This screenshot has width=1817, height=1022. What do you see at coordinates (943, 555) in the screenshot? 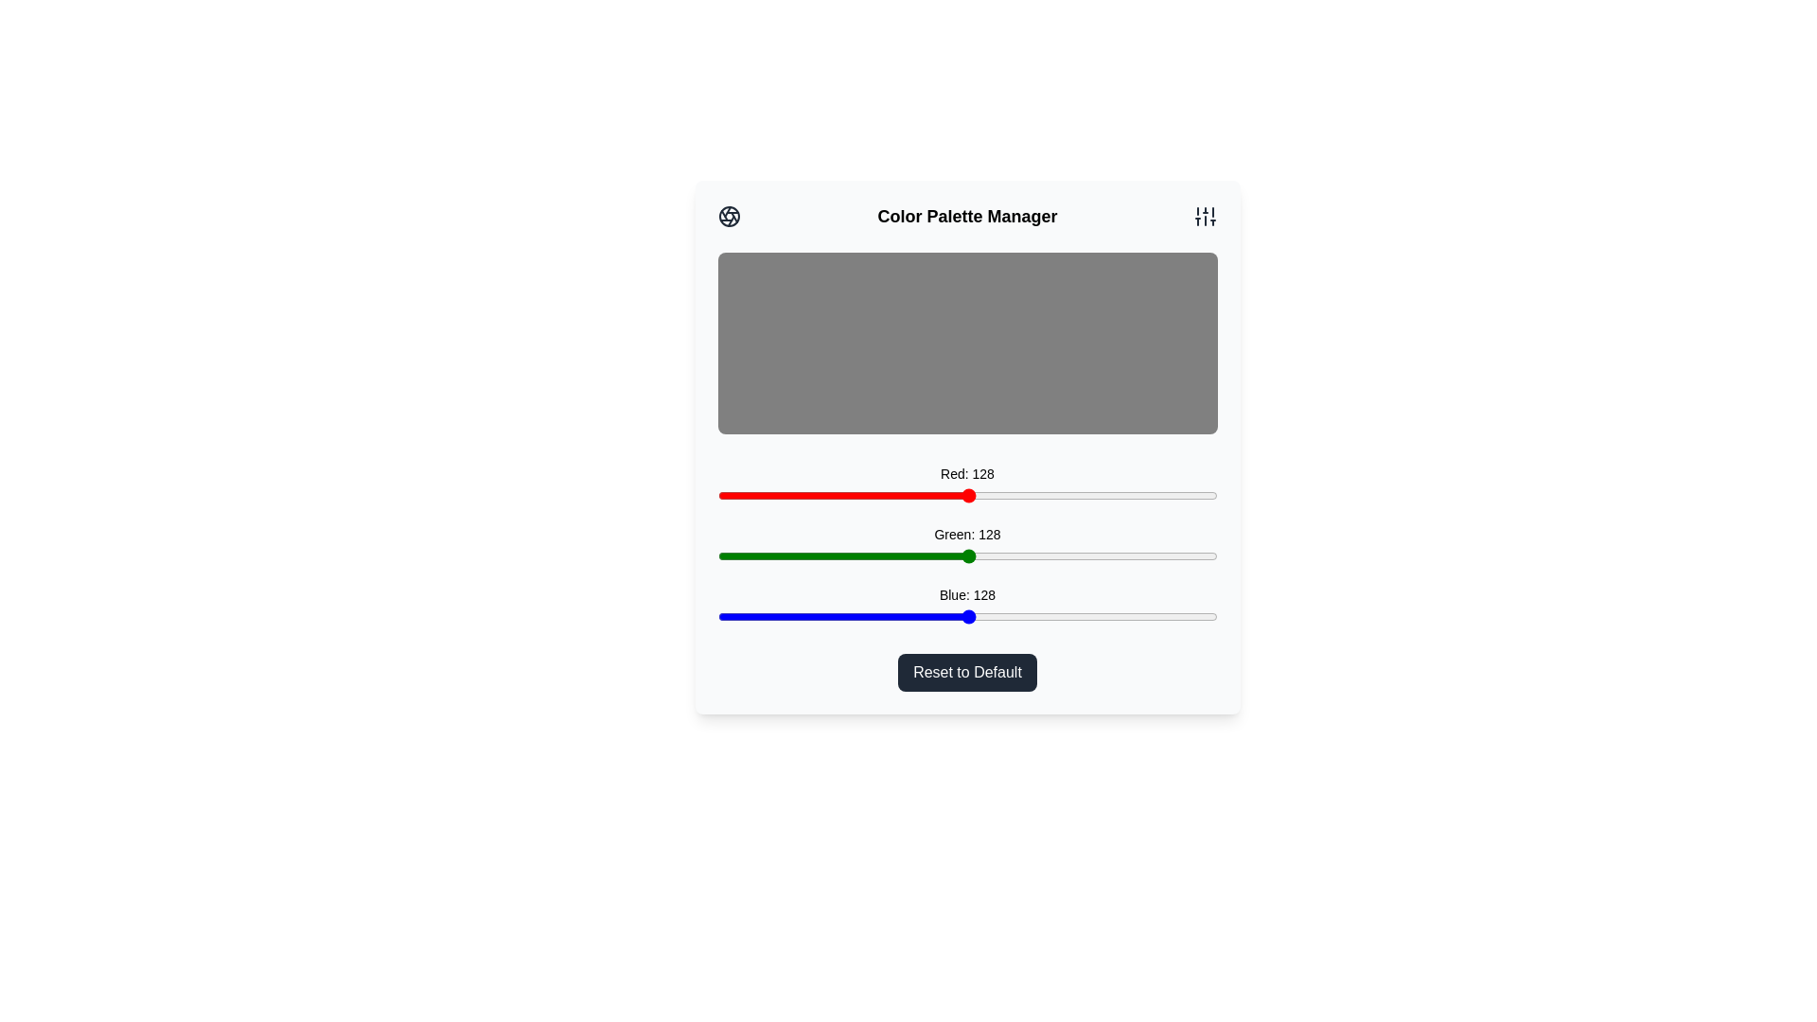
I see `the green slider to set the green intensity to 115` at bounding box center [943, 555].